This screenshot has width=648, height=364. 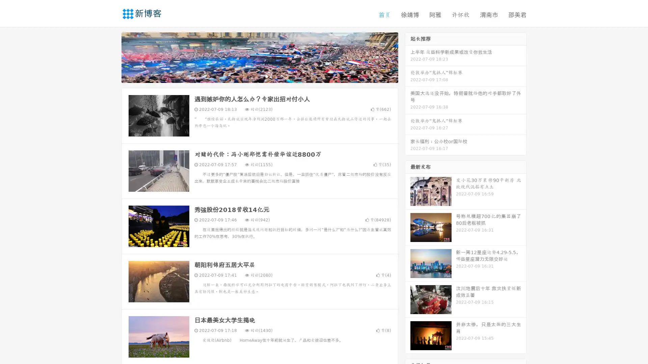 I want to click on Go to slide 2, so click(x=259, y=76).